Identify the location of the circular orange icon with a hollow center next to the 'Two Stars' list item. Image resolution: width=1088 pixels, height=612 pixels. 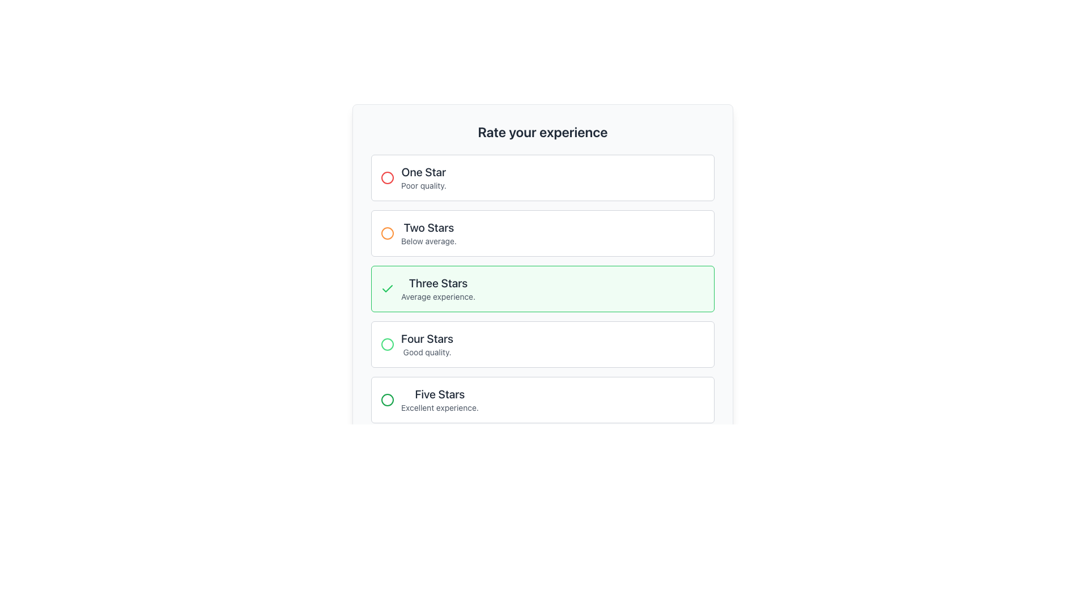
(388, 233).